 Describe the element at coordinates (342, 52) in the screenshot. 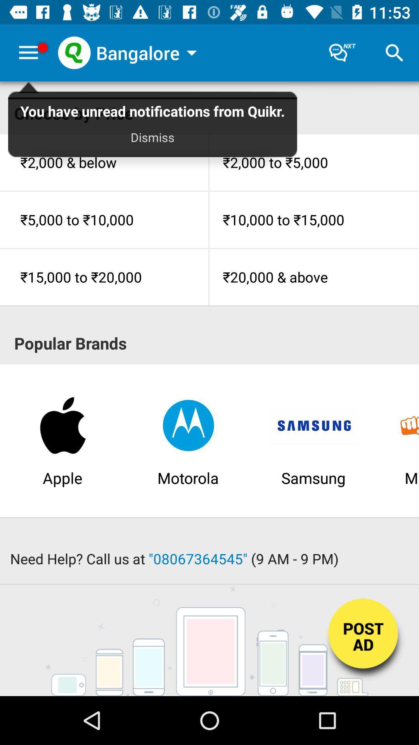

I see `message inbox` at that location.